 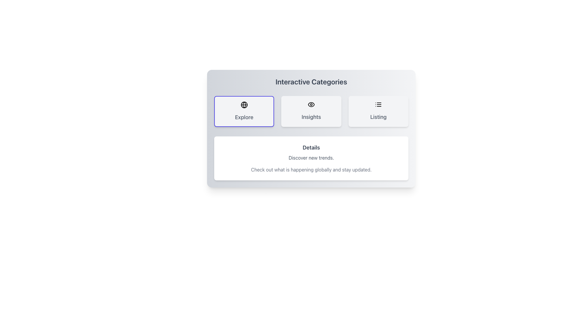 What do you see at coordinates (311, 81) in the screenshot?
I see `the text label displaying the title 'Interactive Categories', which is styled in a large, bold font and positioned at the top of the content card layout` at bounding box center [311, 81].